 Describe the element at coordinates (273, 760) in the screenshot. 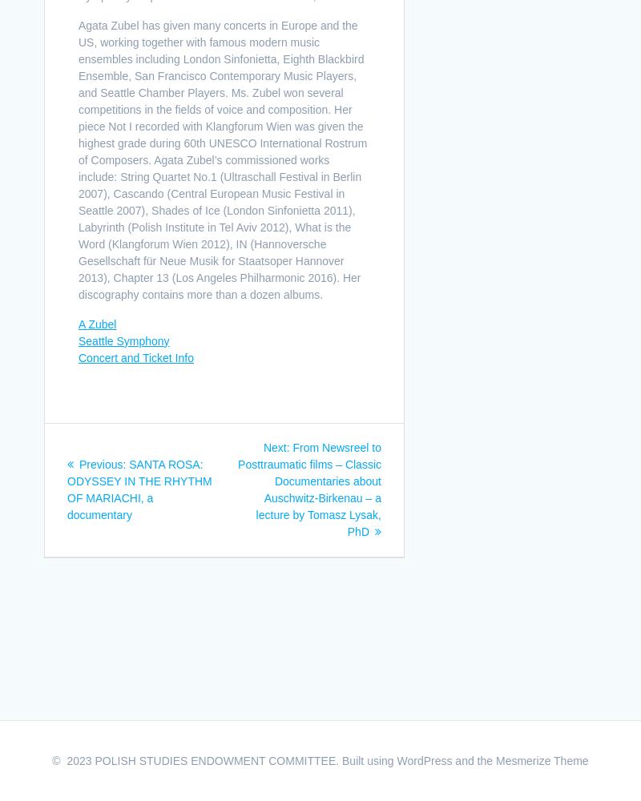

I see `'©  2023 POLISH STUDIES ENDOWMENT COMMITTEE. Built using WordPress and the'` at that location.